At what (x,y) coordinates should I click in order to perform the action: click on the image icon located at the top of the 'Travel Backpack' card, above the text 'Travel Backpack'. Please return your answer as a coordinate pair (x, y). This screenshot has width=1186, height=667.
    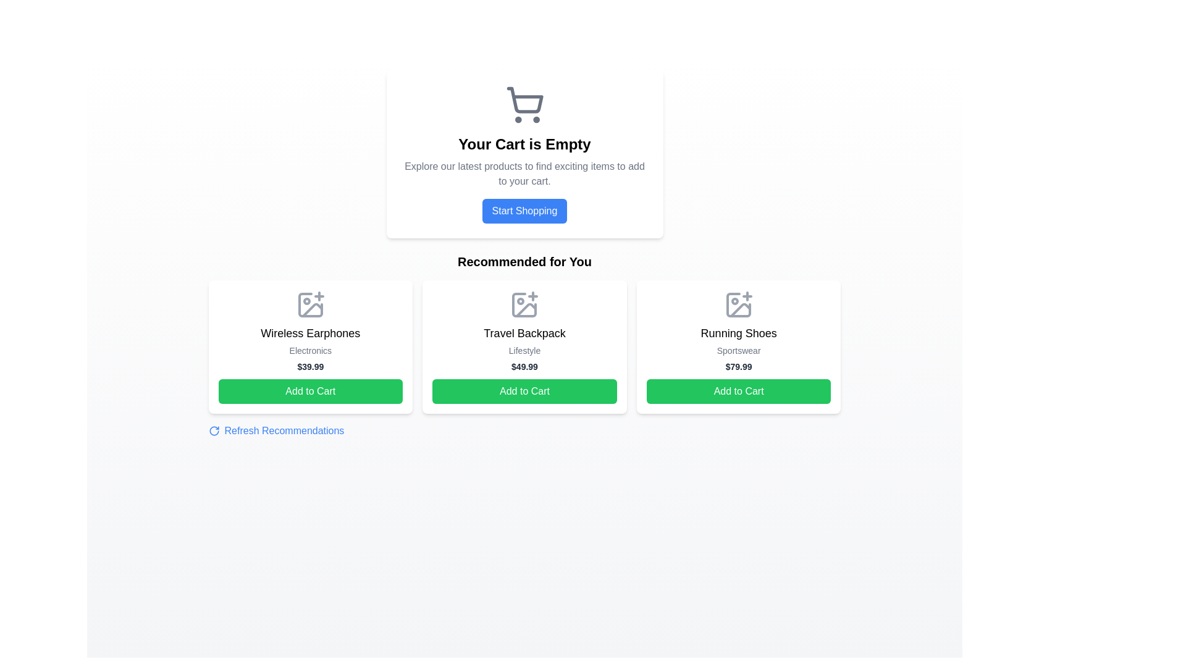
    Looking at the image, I should click on (524, 304).